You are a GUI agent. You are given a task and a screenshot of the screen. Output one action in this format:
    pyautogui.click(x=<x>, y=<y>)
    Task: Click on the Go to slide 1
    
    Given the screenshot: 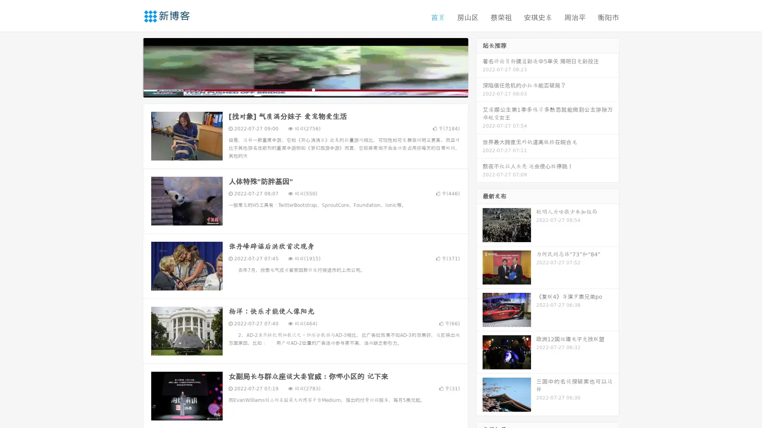 What is the action you would take?
    pyautogui.click(x=297, y=89)
    